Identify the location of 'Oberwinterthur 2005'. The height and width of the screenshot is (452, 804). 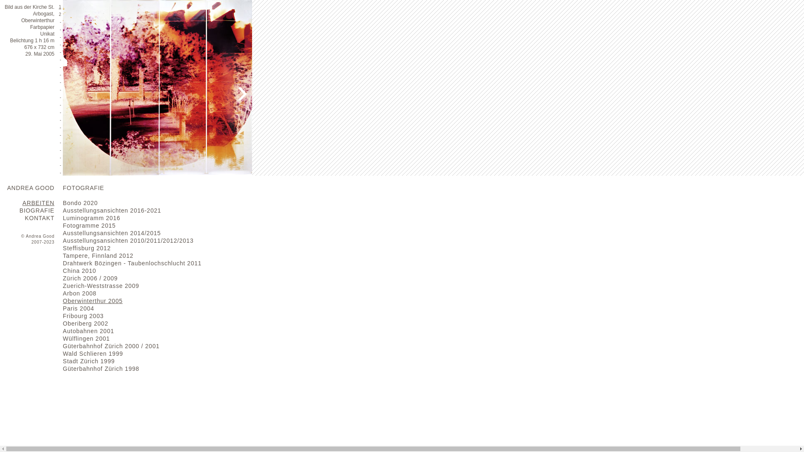
(93, 300).